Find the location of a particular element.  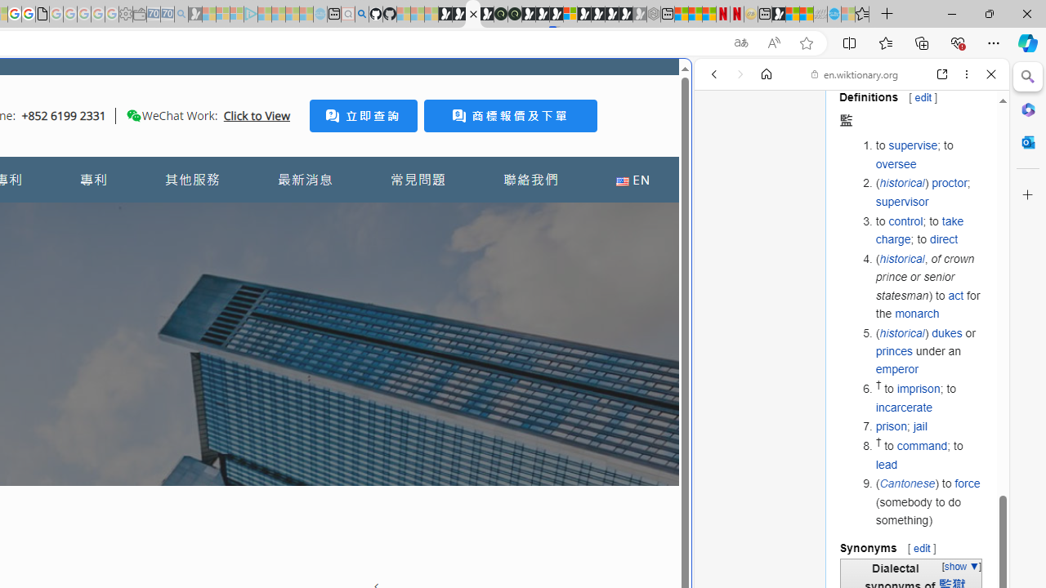

'Wiktionary' is located at coordinates (845, 546).